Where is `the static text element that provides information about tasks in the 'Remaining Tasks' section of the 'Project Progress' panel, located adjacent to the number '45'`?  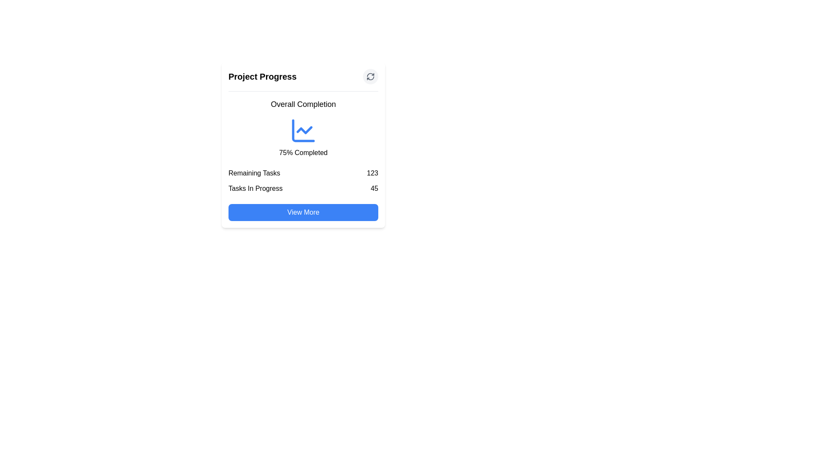 the static text element that provides information about tasks in the 'Remaining Tasks' section of the 'Project Progress' panel, located adjacent to the number '45' is located at coordinates (255, 188).